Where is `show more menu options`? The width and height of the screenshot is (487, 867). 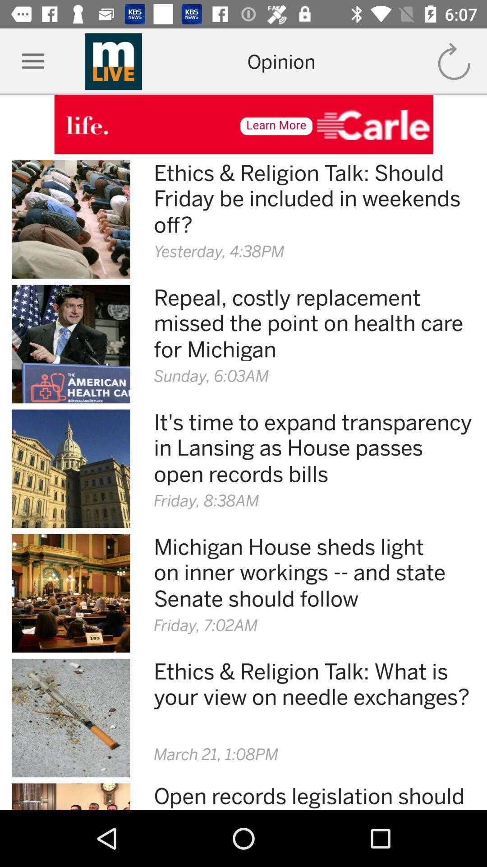 show more menu options is located at coordinates (32, 61).